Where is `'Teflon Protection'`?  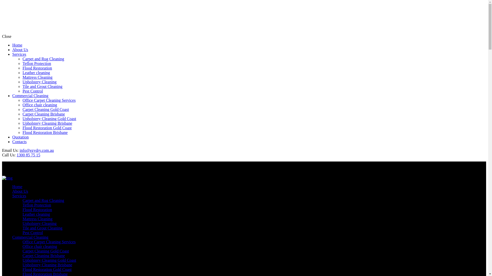 'Teflon Protection' is located at coordinates (22, 205).